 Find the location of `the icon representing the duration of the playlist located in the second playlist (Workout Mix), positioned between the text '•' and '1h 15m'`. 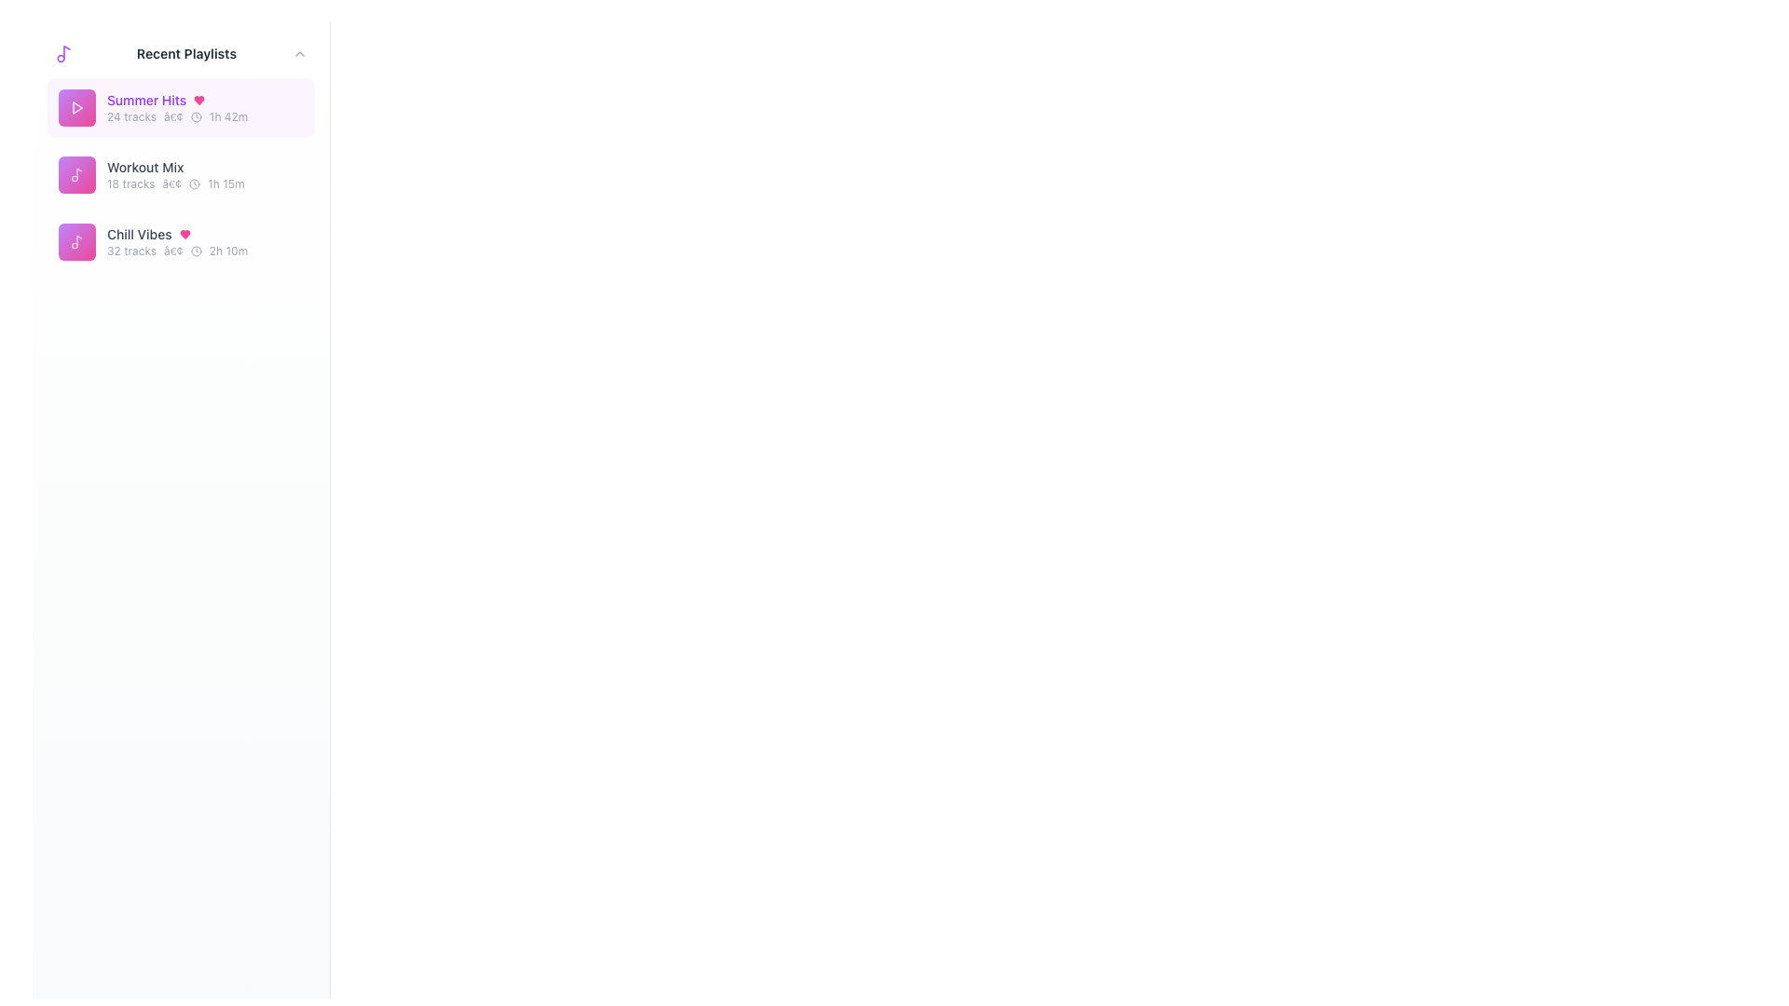

the icon representing the duration of the playlist located in the second playlist (Workout Mix), positioned between the text '•' and '1h 15m' is located at coordinates (195, 184).